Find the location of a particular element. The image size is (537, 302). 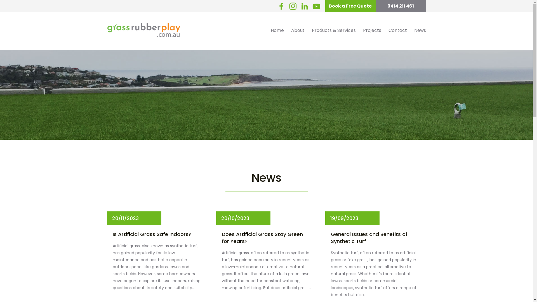

'Projects' is located at coordinates (372, 30).